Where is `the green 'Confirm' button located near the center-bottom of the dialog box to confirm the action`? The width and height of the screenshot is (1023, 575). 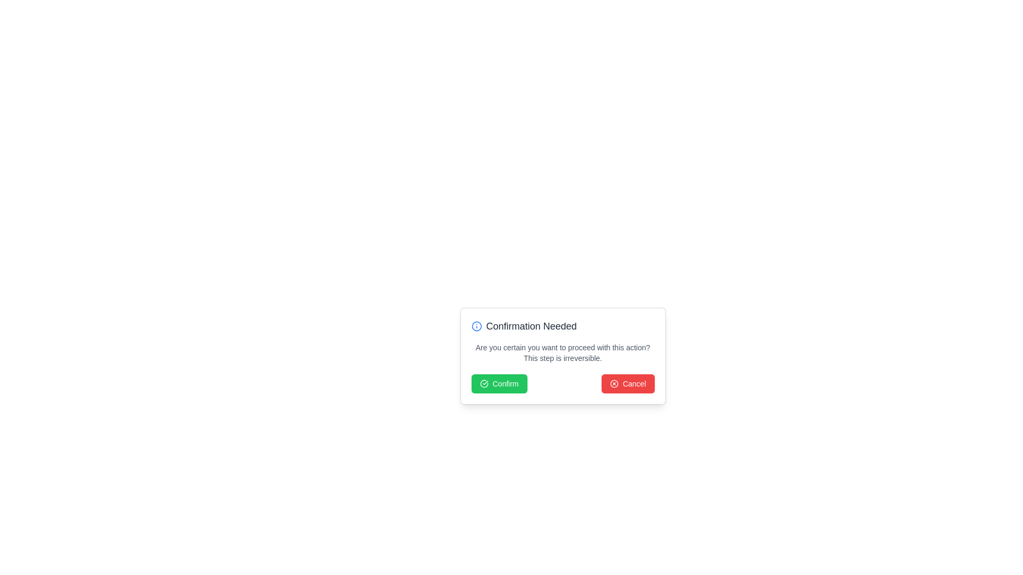 the green 'Confirm' button located near the center-bottom of the dialog box to confirm the action is located at coordinates (498, 384).